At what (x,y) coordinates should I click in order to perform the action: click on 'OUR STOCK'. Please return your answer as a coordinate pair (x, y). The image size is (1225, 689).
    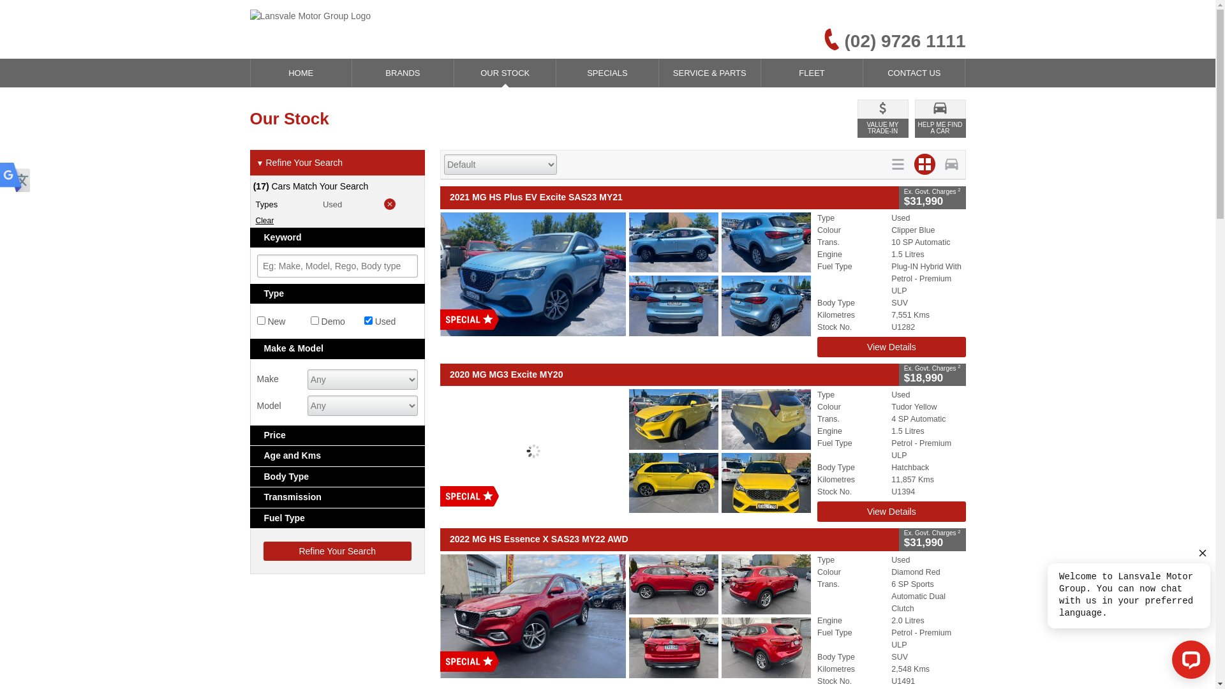
    Looking at the image, I should click on (504, 73).